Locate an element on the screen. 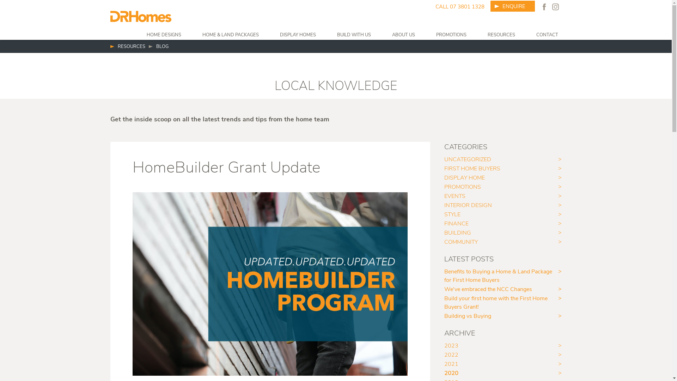  'BLOG' is located at coordinates (158, 47).